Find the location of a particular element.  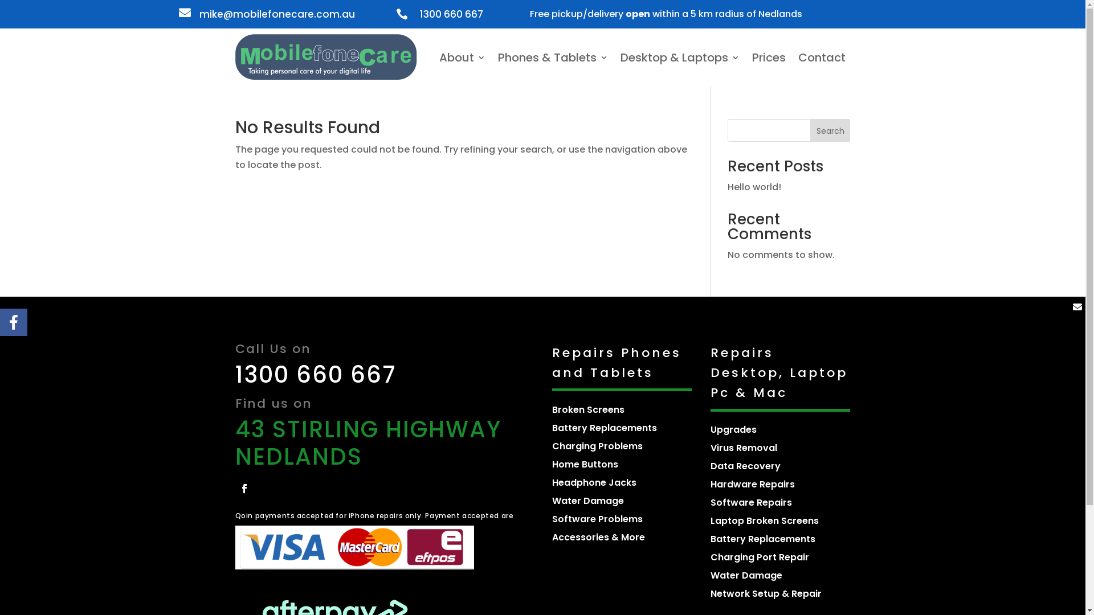

'Software Problems' is located at coordinates (597, 519).